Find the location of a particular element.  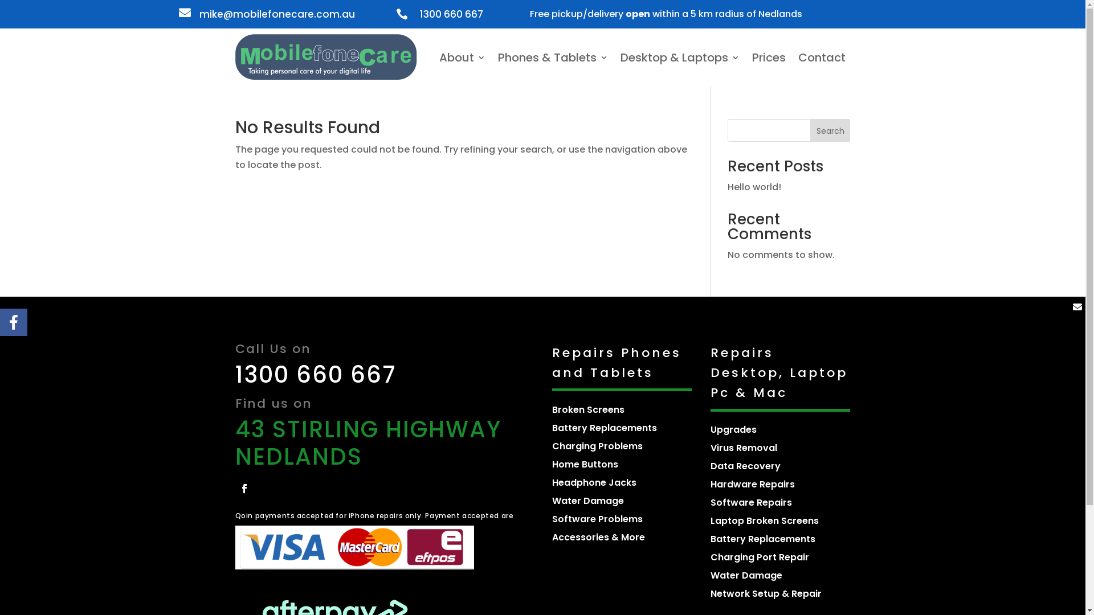

'Software Problems' is located at coordinates (597, 519).